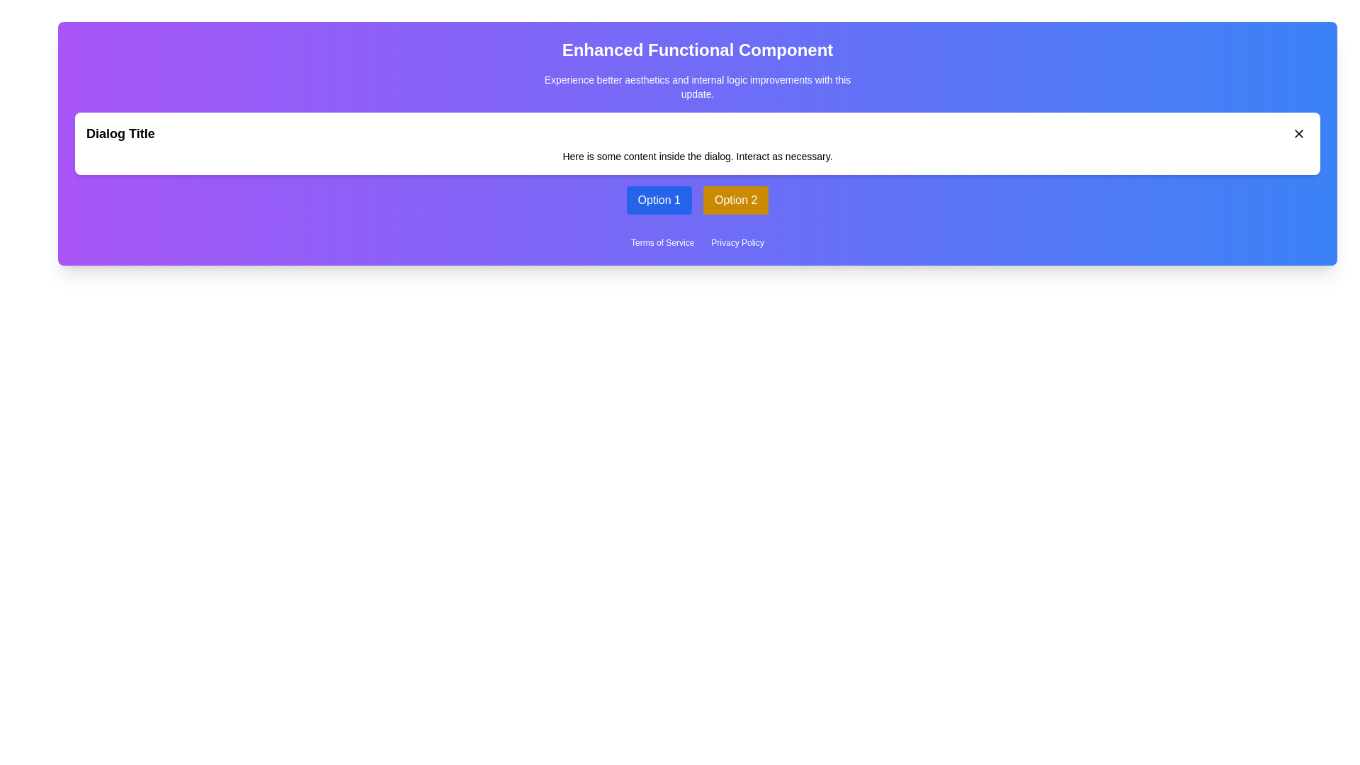 The width and height of the screenshot is (1360, 765). I want to click on the hyperlink labeled 'Privacy Policy', so click(737, 242).